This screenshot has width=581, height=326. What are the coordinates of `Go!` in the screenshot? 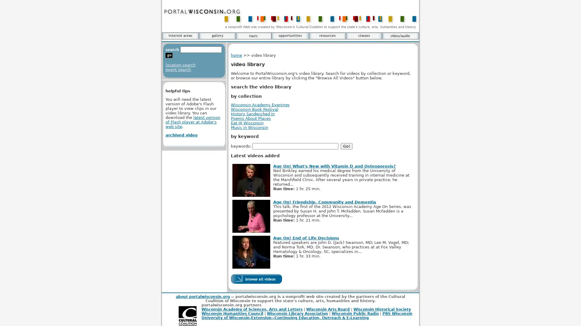 It's located at (346, 146).